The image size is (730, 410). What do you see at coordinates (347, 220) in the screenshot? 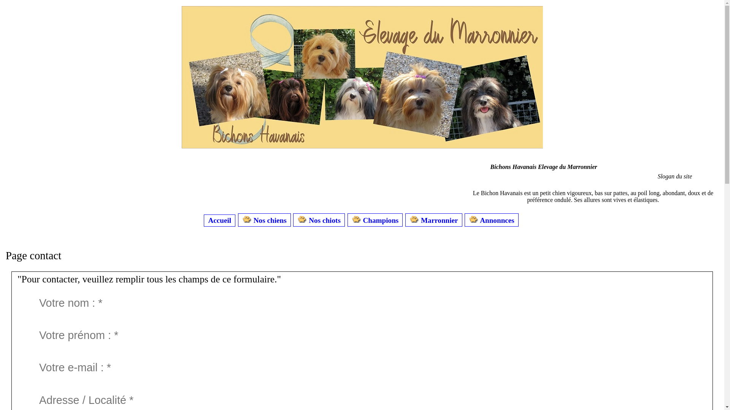
I see `'Champions'` at bounding box center [347, 220].